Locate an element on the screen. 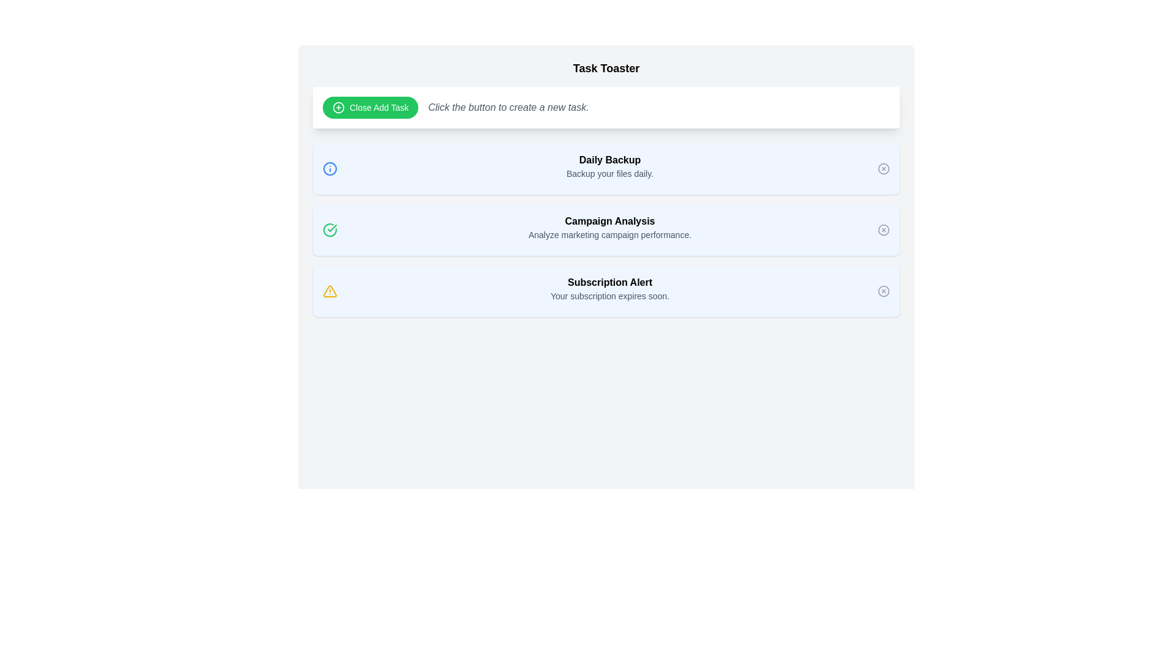 The width and height of the screenshot is (1176, 661). the green button labeled 'Close Add Task' which contains a circular plus icon on its left side is located at coordinates (338, 107).